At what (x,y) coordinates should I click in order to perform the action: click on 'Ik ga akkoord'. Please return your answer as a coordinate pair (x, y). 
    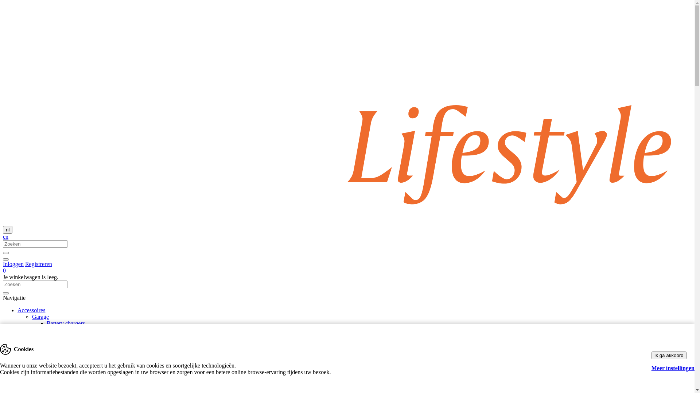
    Looking at the image, I should click on (669, 355).